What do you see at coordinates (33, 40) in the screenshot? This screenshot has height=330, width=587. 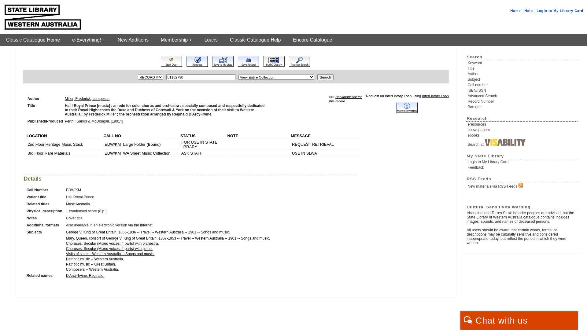 I see `'Classic Catalogue Home'` at bounding box center [33, 40].